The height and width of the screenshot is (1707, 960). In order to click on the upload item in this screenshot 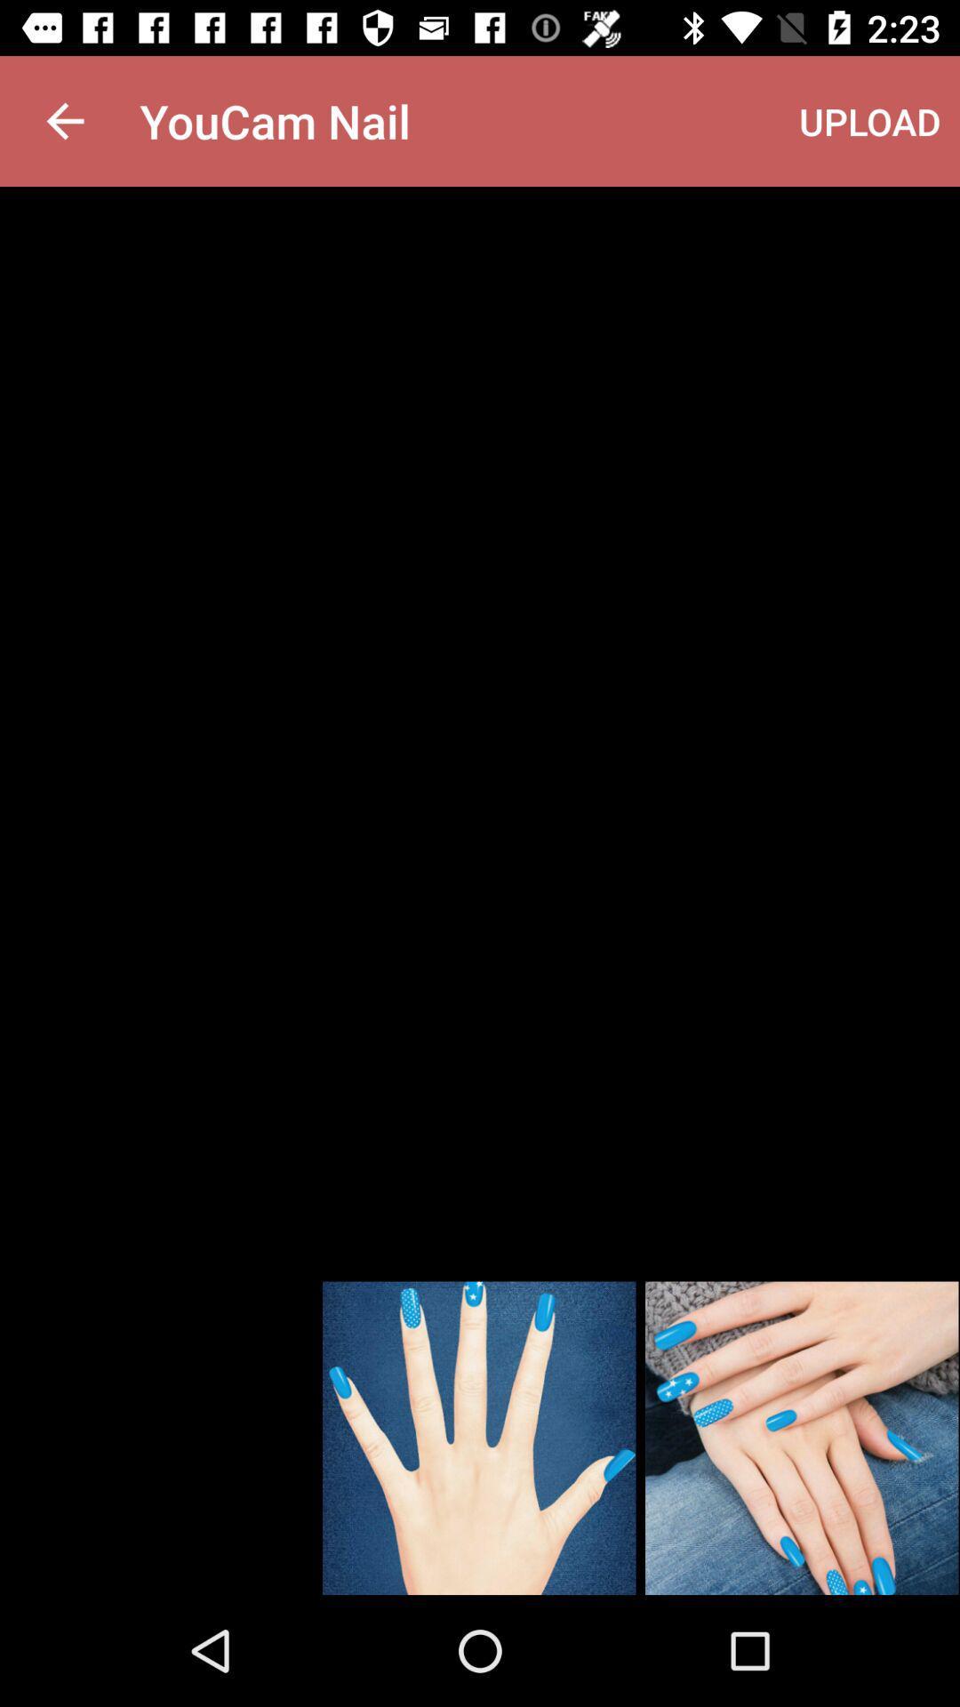, I will do `click(869, 120)`.